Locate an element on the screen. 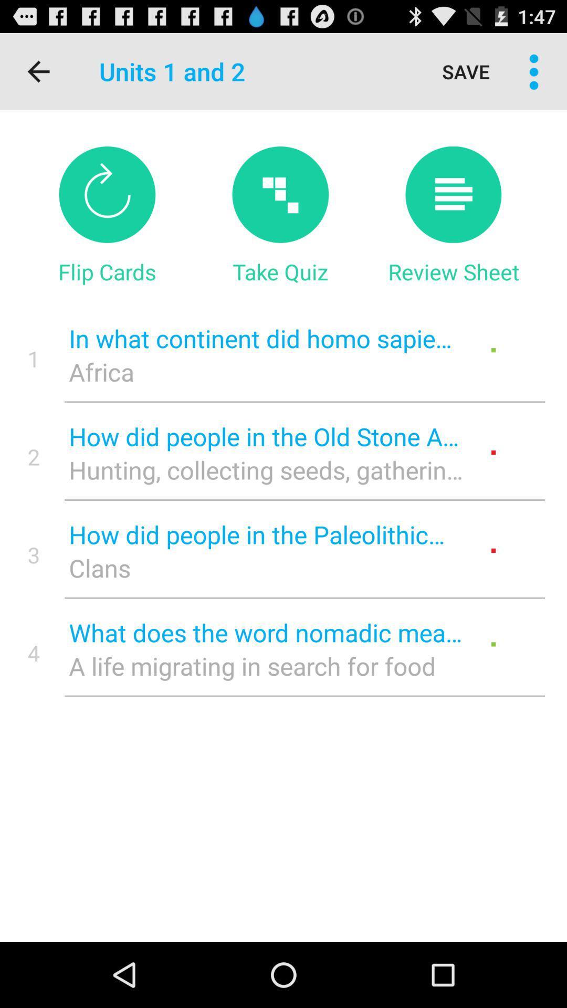 The width and height of the screenshot is (567, 1008). 4 item is located at coordinates (33, 652).